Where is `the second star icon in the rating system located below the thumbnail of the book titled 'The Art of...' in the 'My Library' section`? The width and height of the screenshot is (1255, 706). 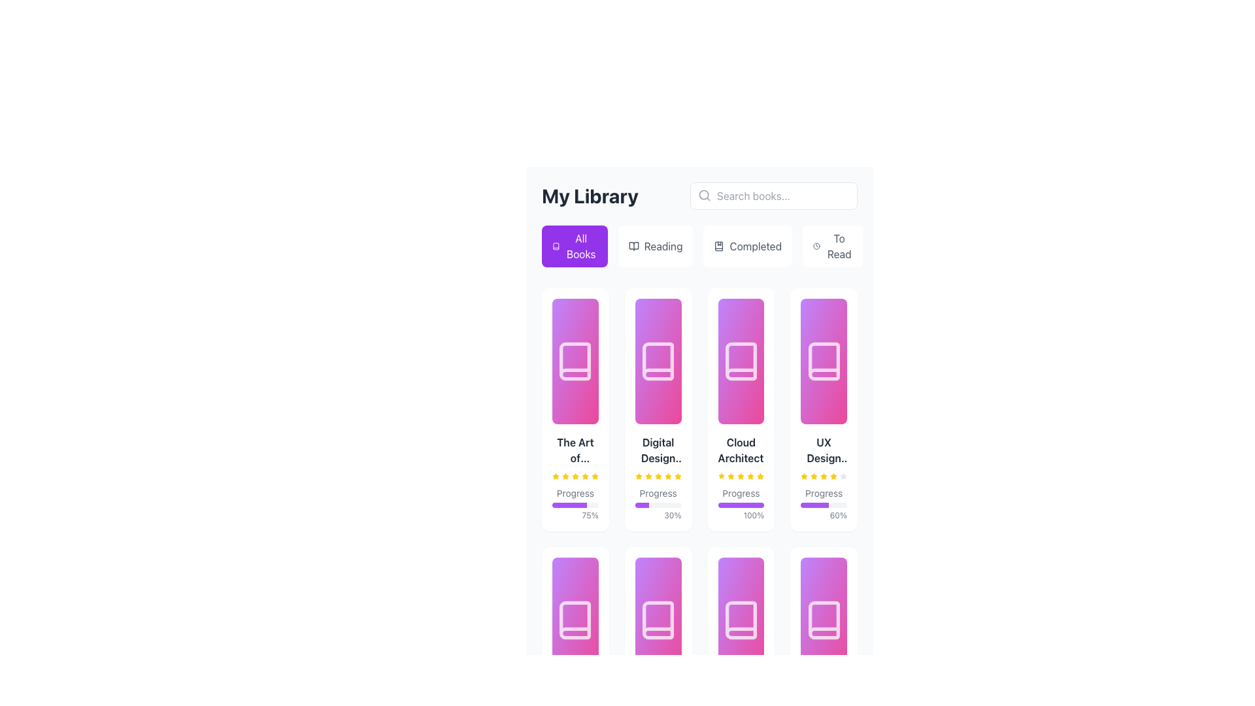
the second star icon in the rating system located below the thumbnail of the book titled 'The Art of...' in the 'My Library' section is located at coordinates (565, 477).